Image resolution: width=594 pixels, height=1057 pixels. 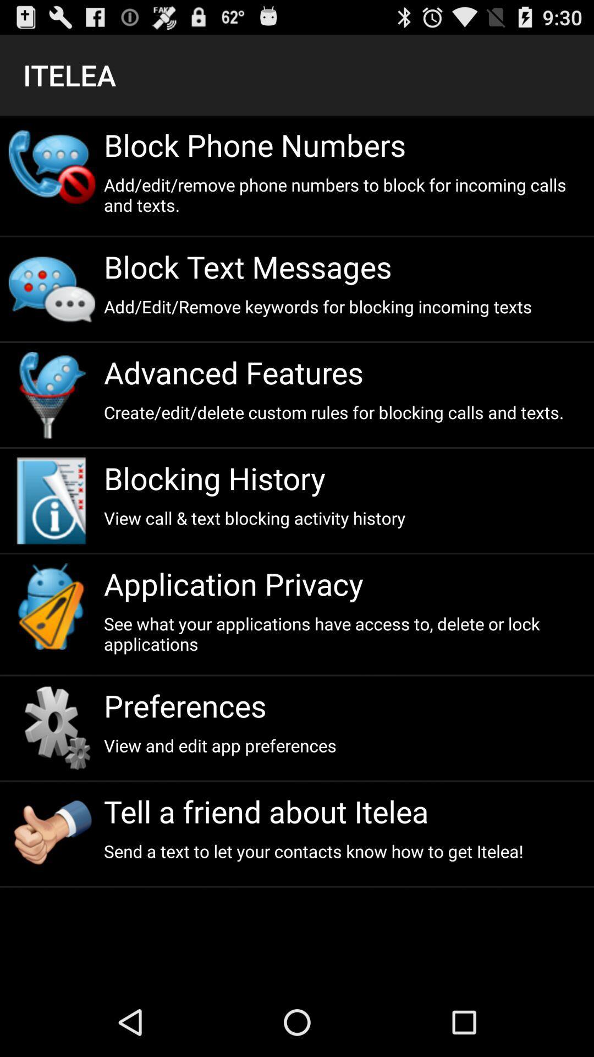 I want to click on the view call text icon, so click(x=344, y=517).